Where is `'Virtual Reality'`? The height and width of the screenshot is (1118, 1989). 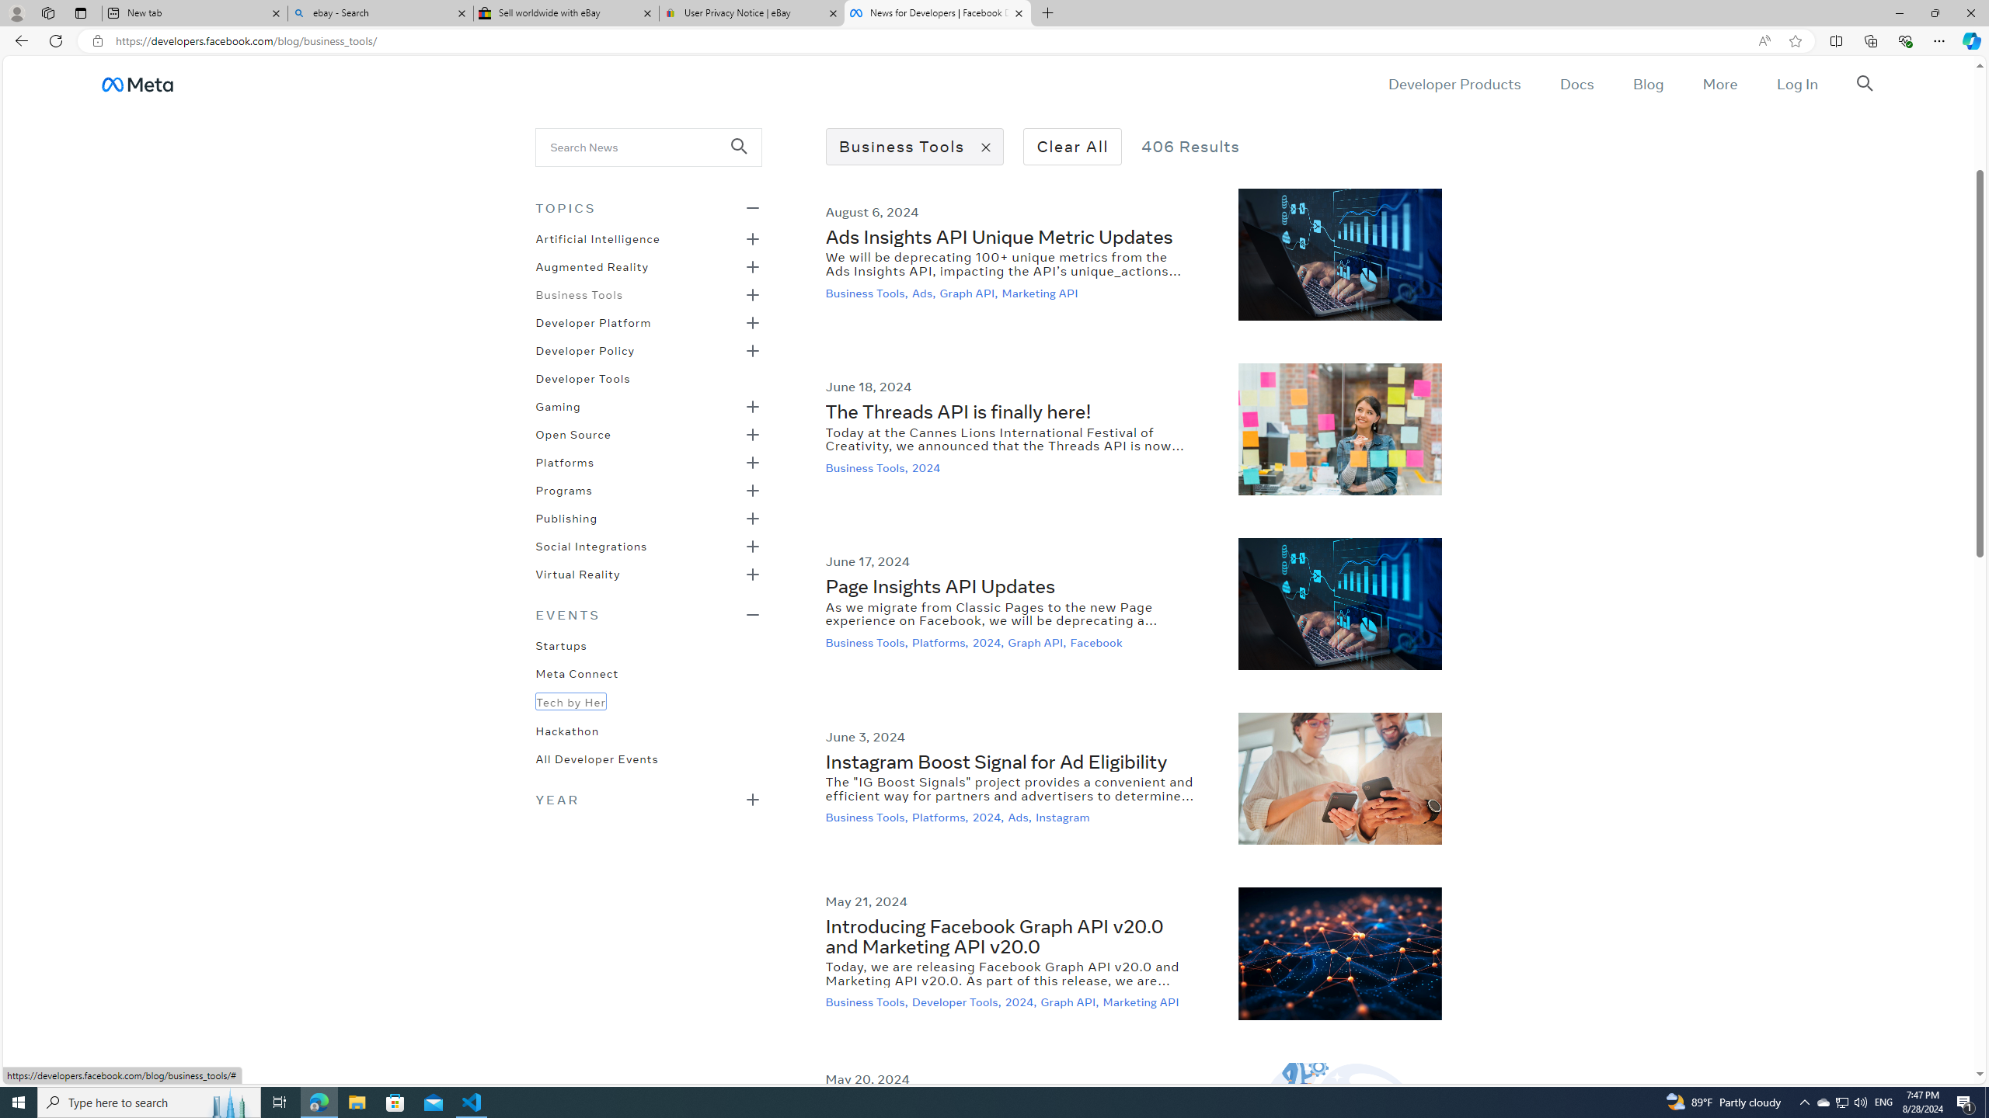
'Virtual Reality' is located at coordinates (576, 571).